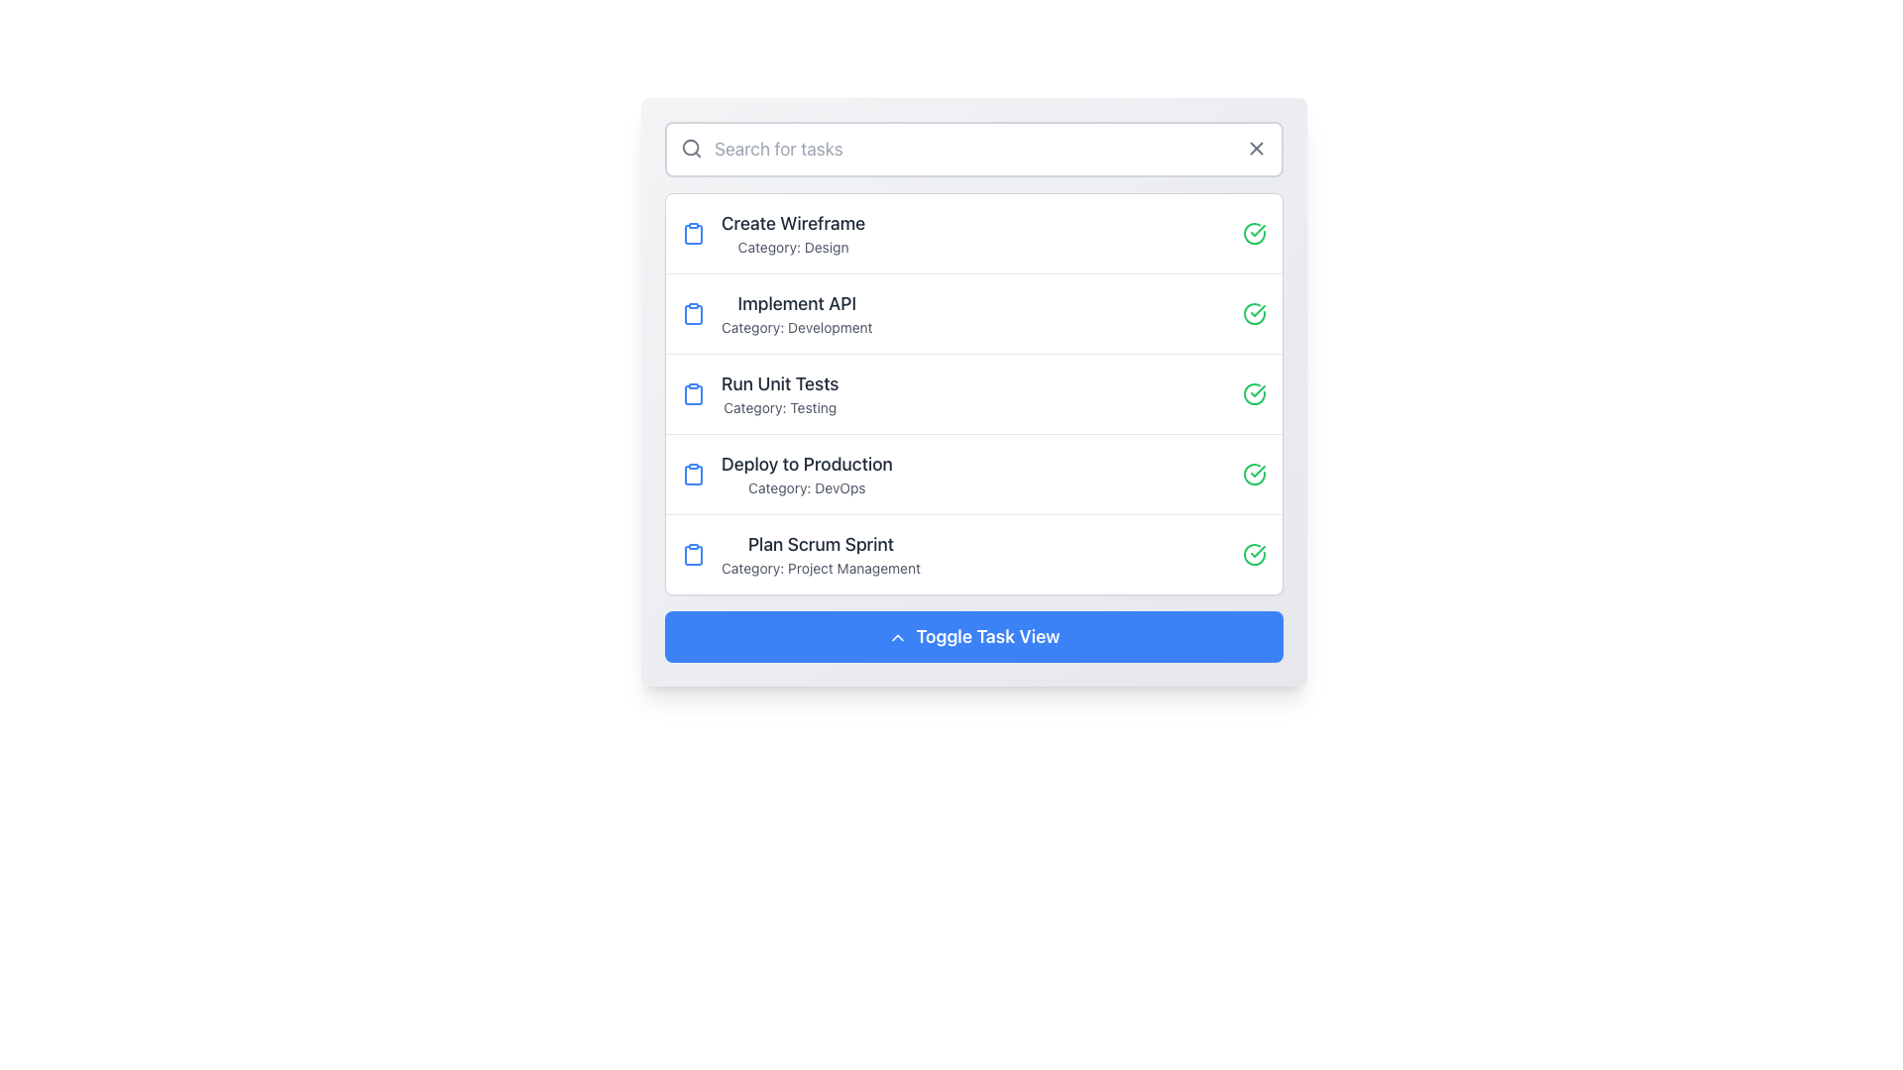  What do you see at coordinates (694, 474) in the screenshot?
I see `the clipboard icon with a blue border located next to the text 'Deploy to Production' in the fourth row of the task list` at bounding box center [694, 474].